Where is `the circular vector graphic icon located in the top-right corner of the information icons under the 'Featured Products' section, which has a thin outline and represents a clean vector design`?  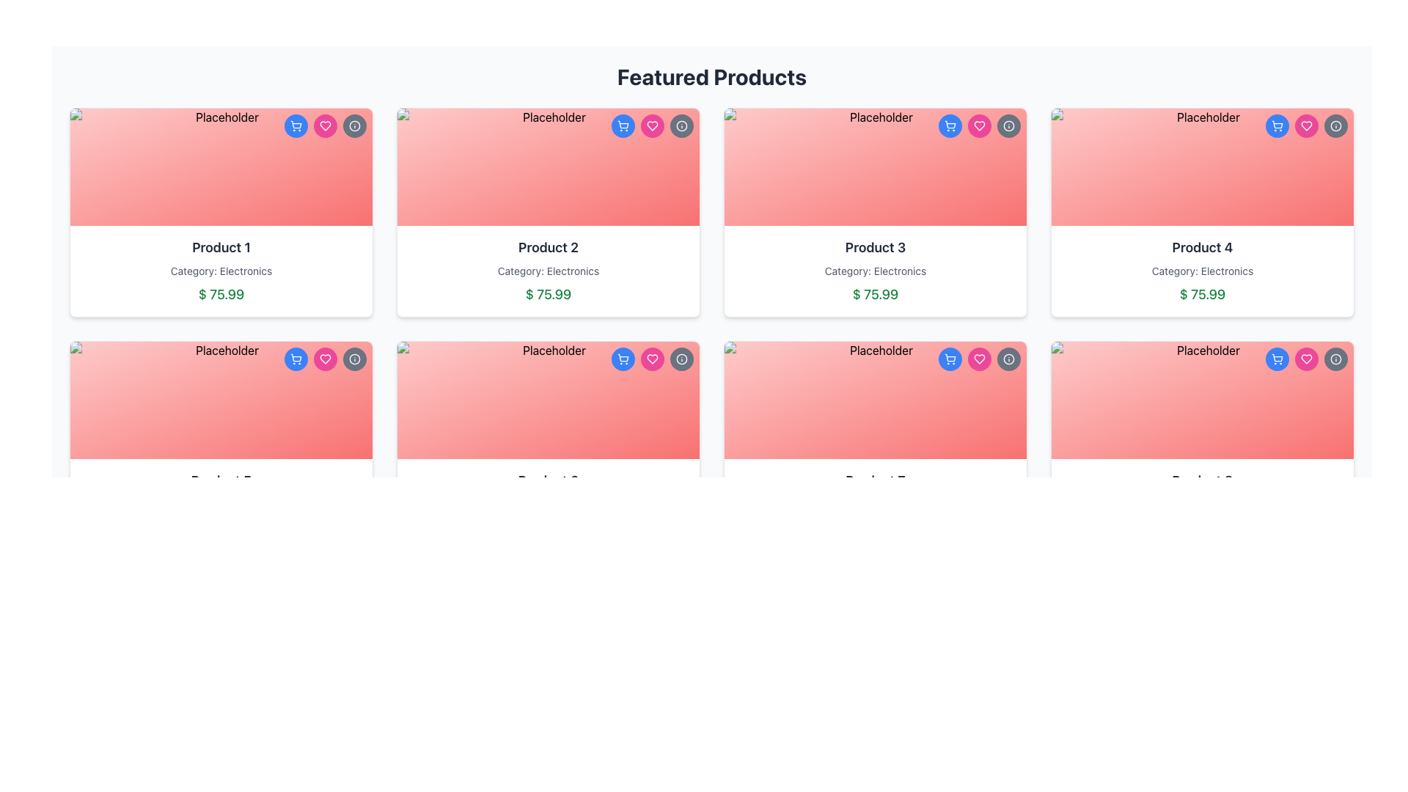
the circular vector graphic icon located in the top-right corner of the information icons under the 'Featured Products' section, which has a thin outline and represents a clean vector design is located at coordinates (1008, 125).